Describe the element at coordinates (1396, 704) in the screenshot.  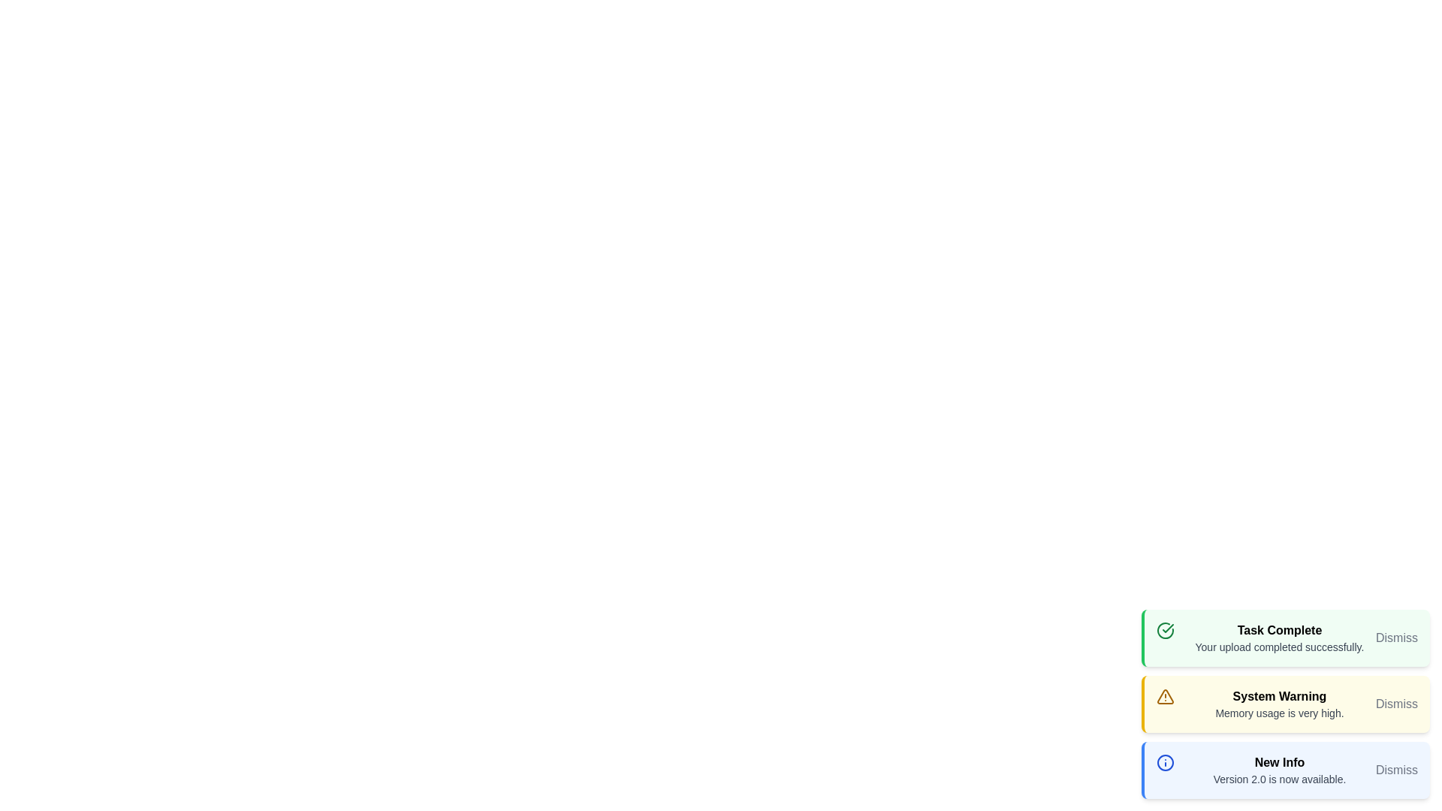
I see `the 'Dismiss' button for the notification with the title System Warning` at that location.